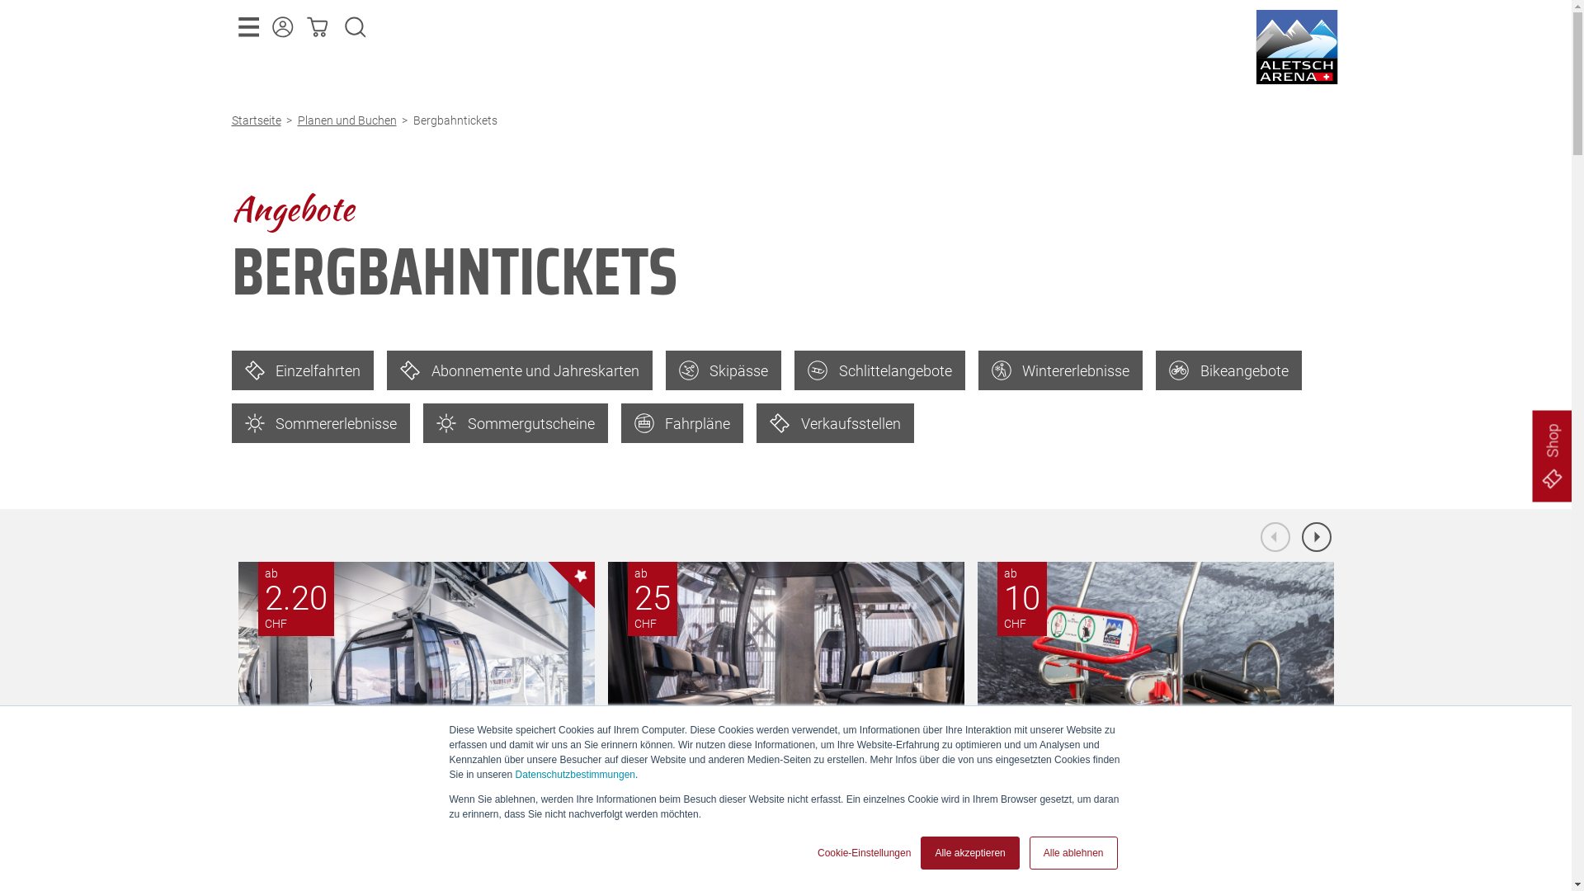 The image size is (1584, 891). I want to click on 'Datenschutzbestimmungen', so click(575, 774).